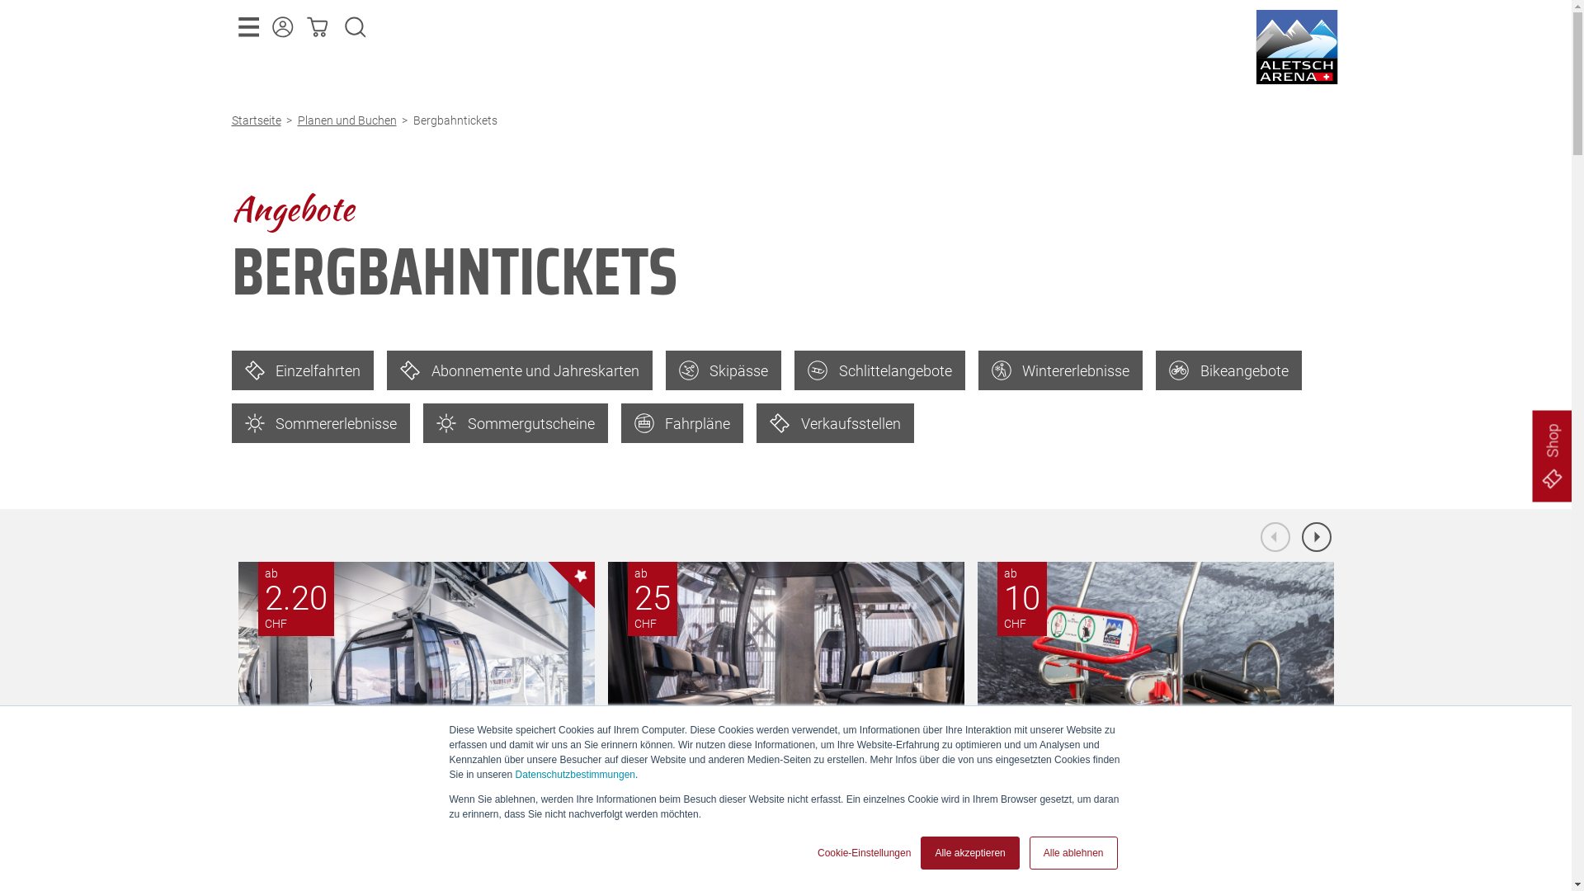 The image size is (1584, 891). I want to click on 'Datenschutzbestimmungen', so click(575, 774).